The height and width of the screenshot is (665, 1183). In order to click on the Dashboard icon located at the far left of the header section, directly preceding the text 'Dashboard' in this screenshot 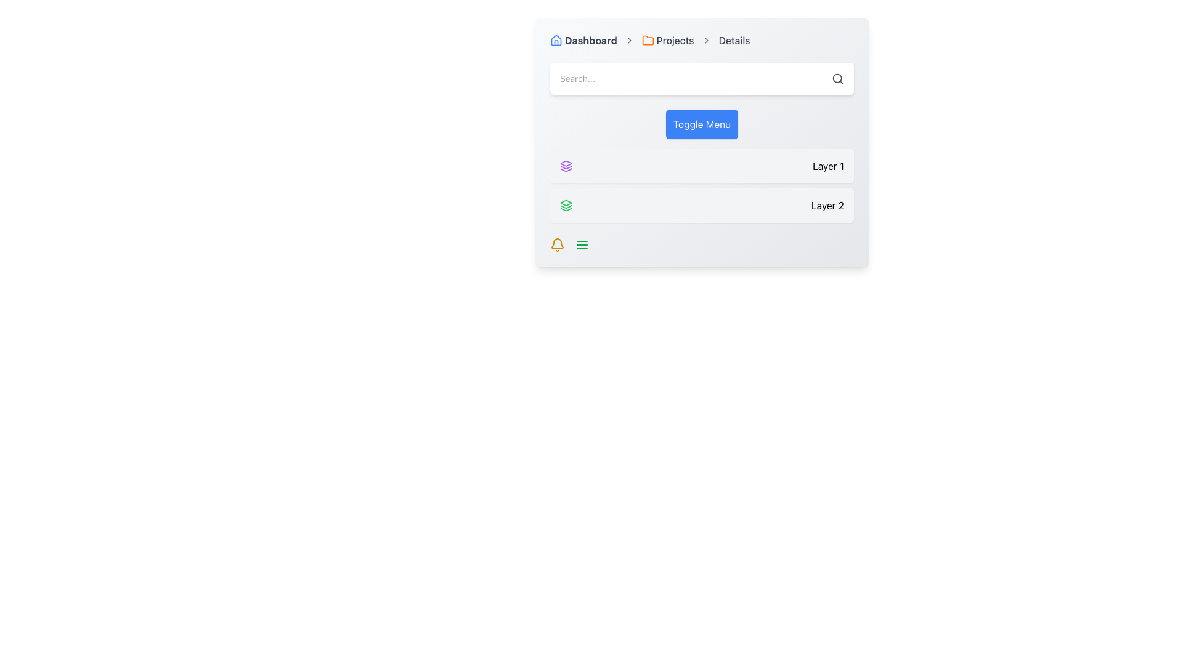, I will do `click(555, 39)`.